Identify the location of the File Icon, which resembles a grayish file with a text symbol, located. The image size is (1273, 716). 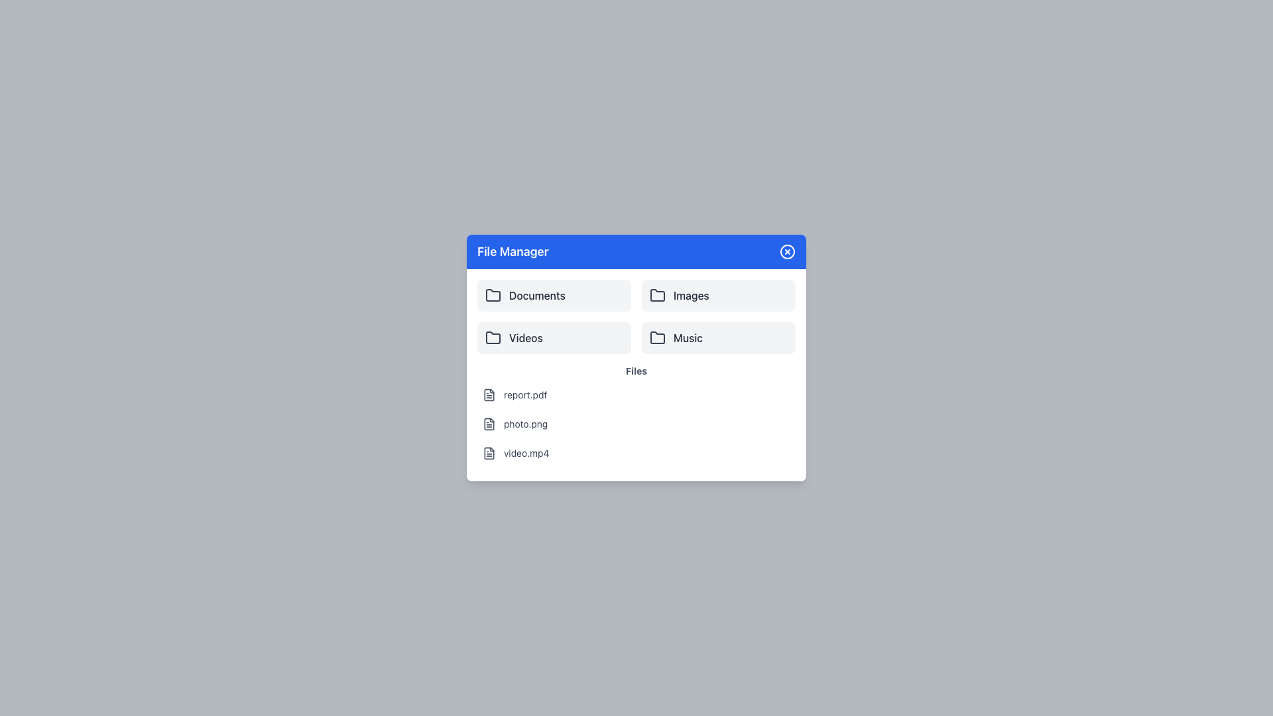
(489, 394).